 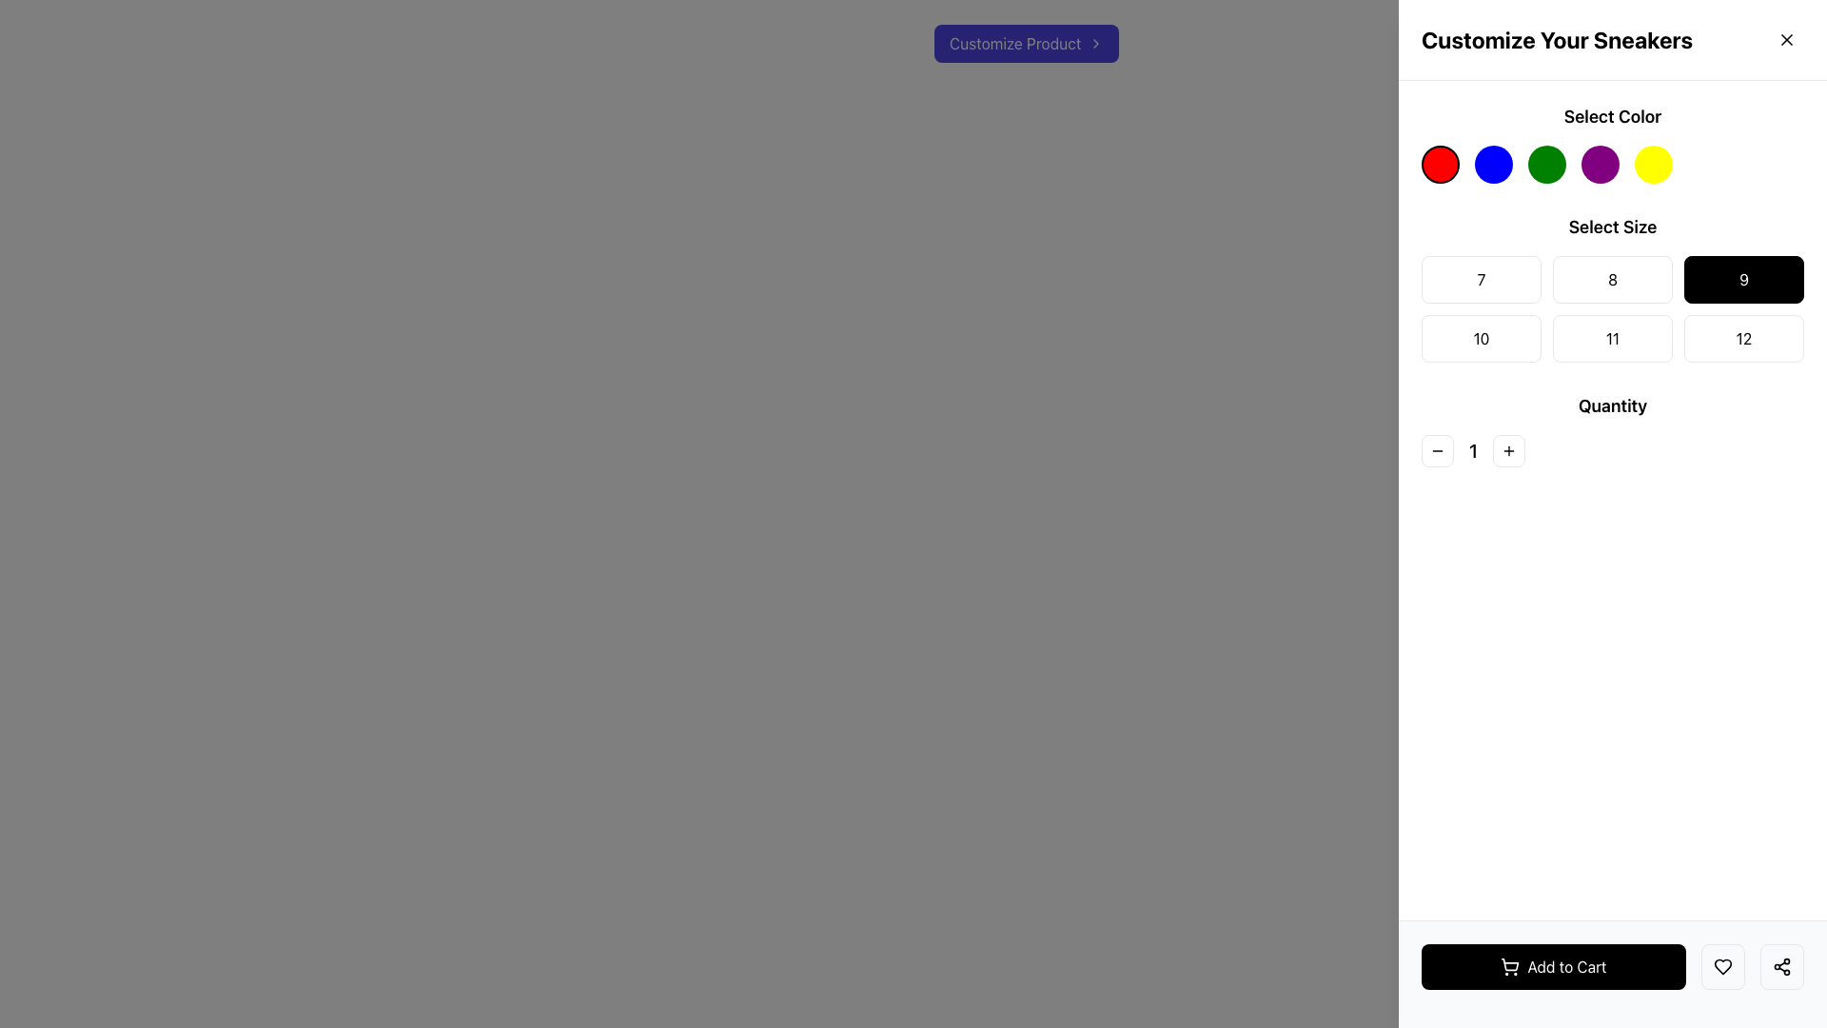 I want to click on the heart icon button located to the right of the 'Add to Cart' button and left of the share icon to observe the hover effect, so click(x=1722, y=966).